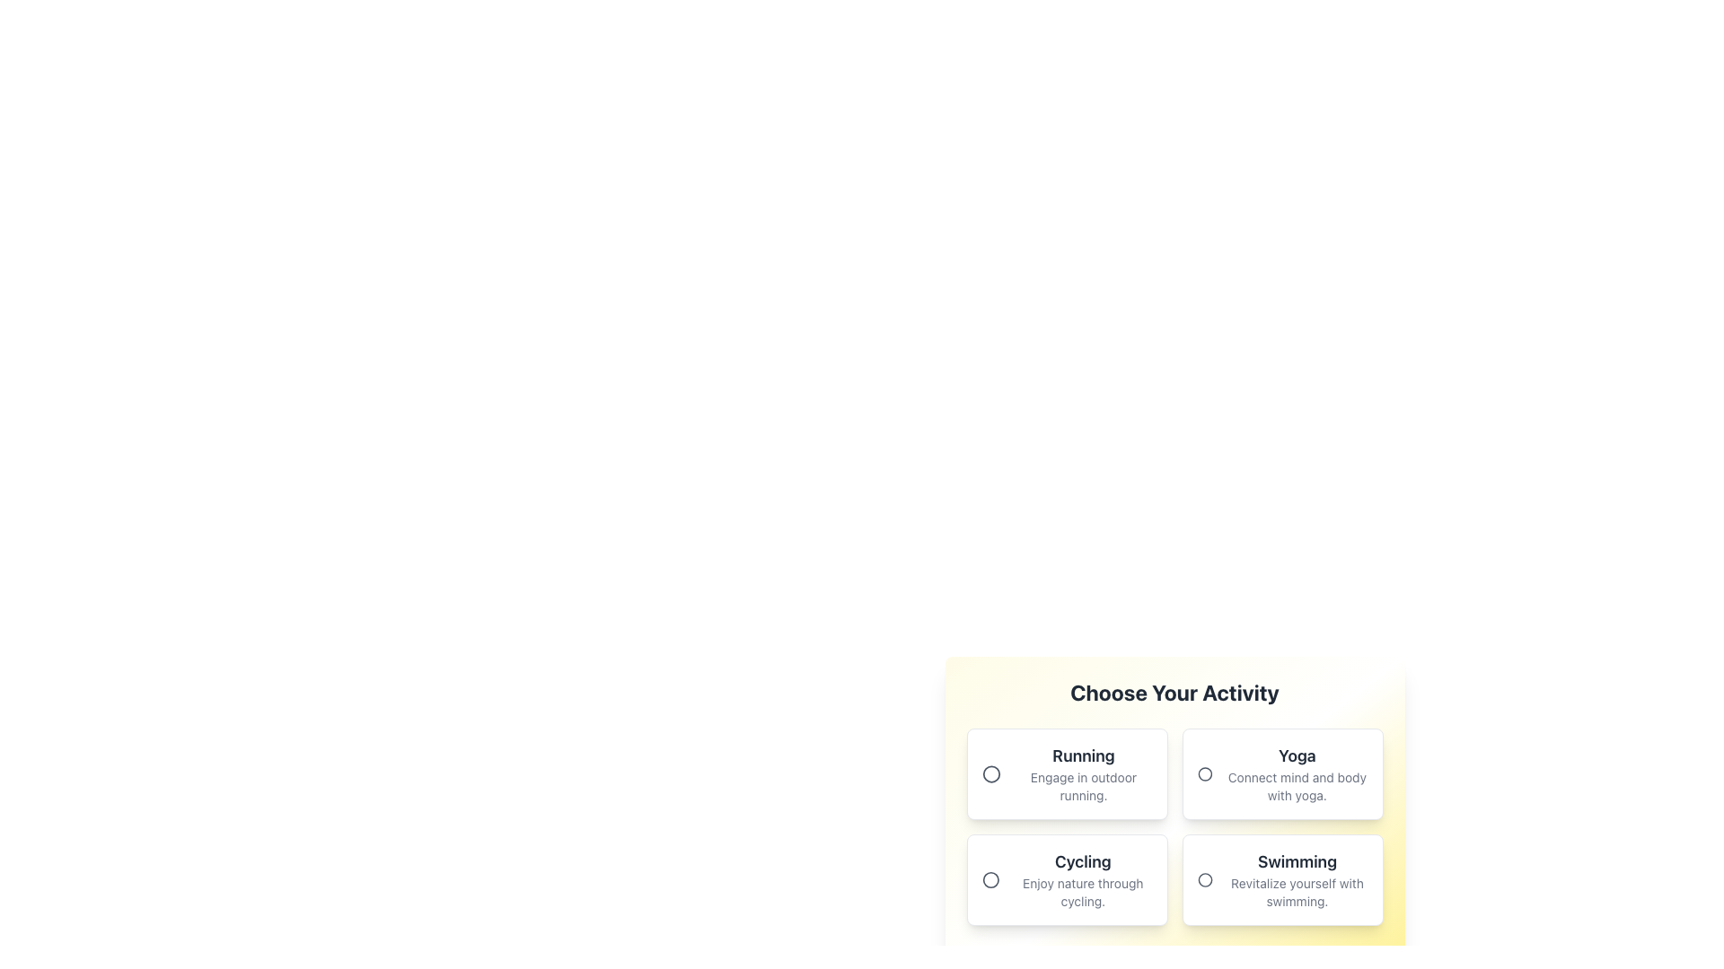  Describe the element at coordinates (1082, 893) in the screenshot. I see `the descriptive text label located beneath the title 'Cycling' within the 'Cycling' card, which highlights the benefits of the cycling activity option` at that location.